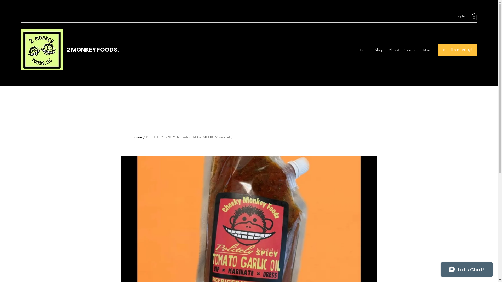  I want to click on 'Log In', so click(459, 16).